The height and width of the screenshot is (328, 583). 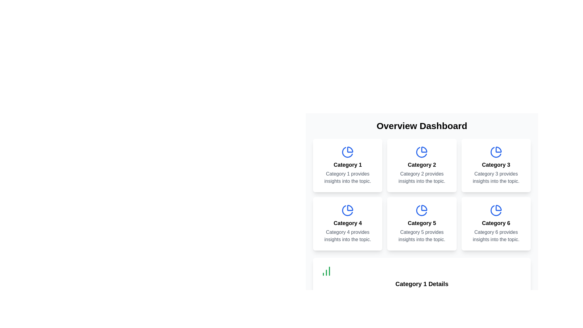 I want to click on the static text label providing a brief description for 'Category 3', positioned in the top-right corner of the card layout, so click(x=496, y=178).